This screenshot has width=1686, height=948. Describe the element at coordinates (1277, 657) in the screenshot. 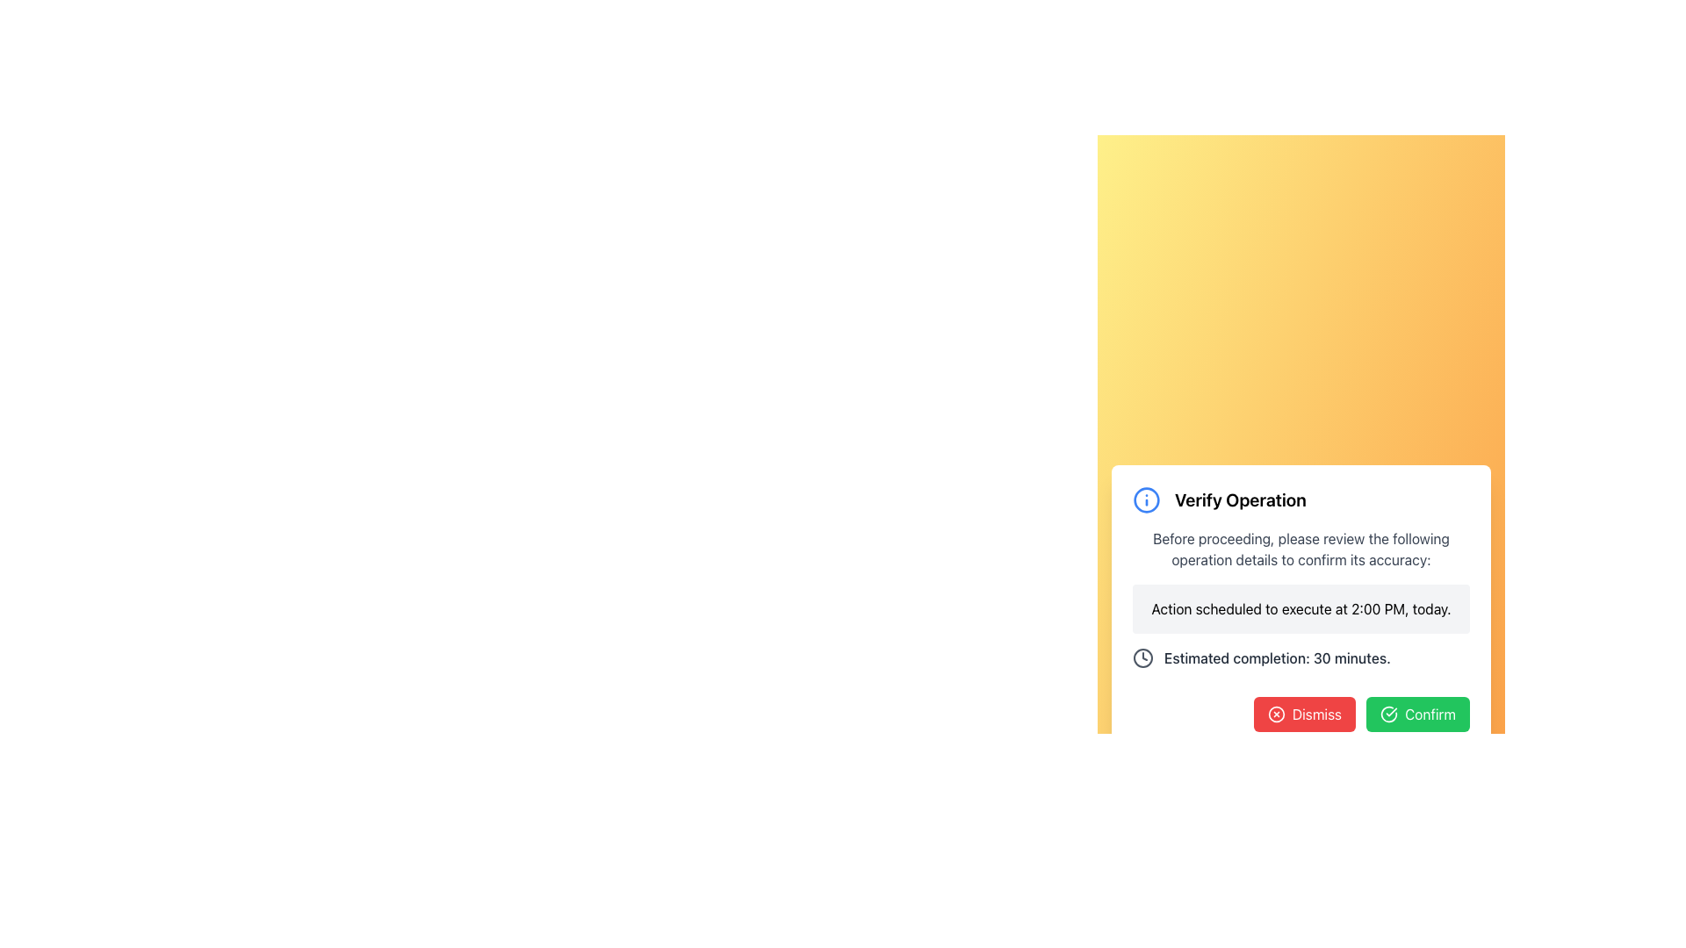

I see `the Static Text Element displaying 'Estimated completion: 30 minutes.' which is located next to a clock icon in the lower area of the notification card` at that location.